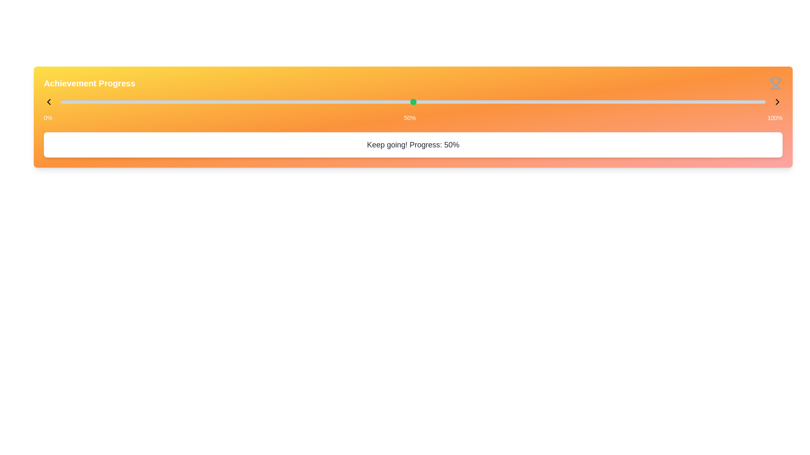 The image size is (810, 455). I want to click on the static text label indicating the initial point of the progress bar, which represents 0% progress, so click(48, 118).